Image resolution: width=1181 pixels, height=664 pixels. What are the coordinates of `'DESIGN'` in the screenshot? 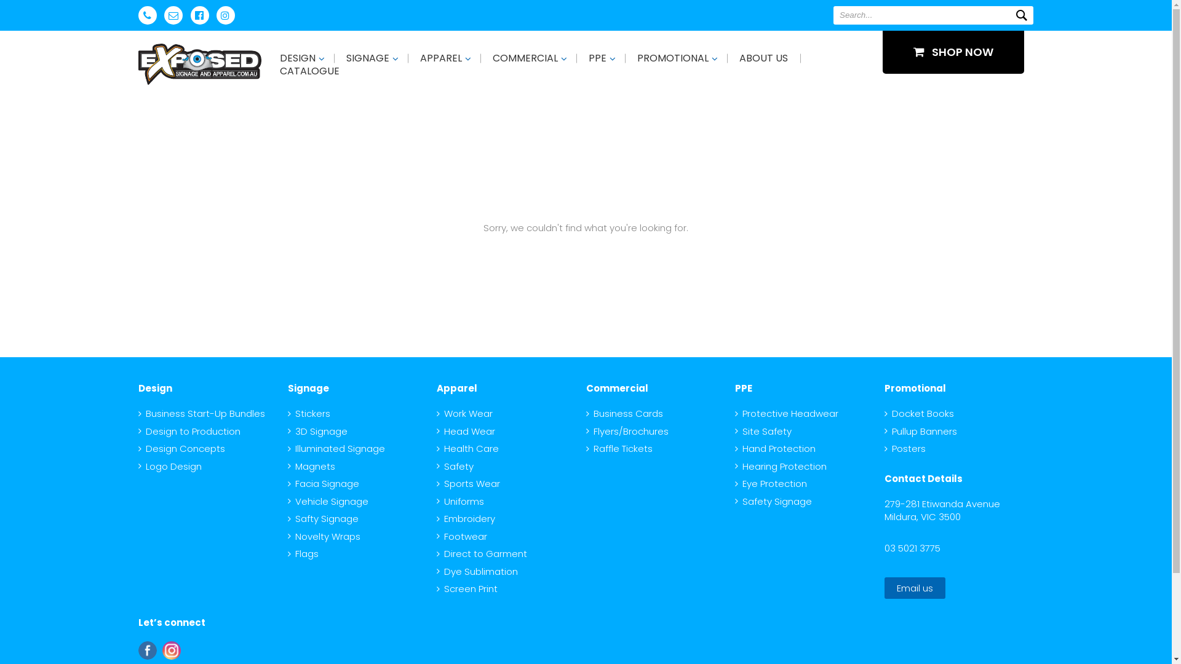 It's located at (298, 58).